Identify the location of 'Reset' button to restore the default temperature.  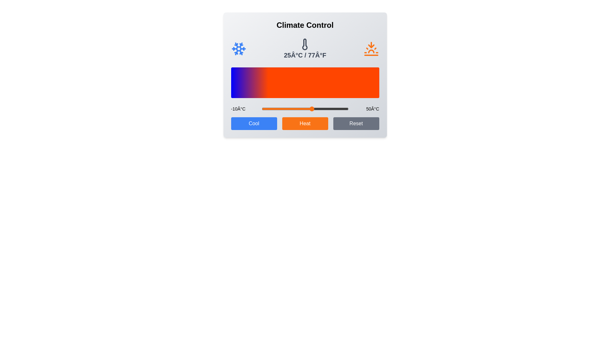
(356, 123).